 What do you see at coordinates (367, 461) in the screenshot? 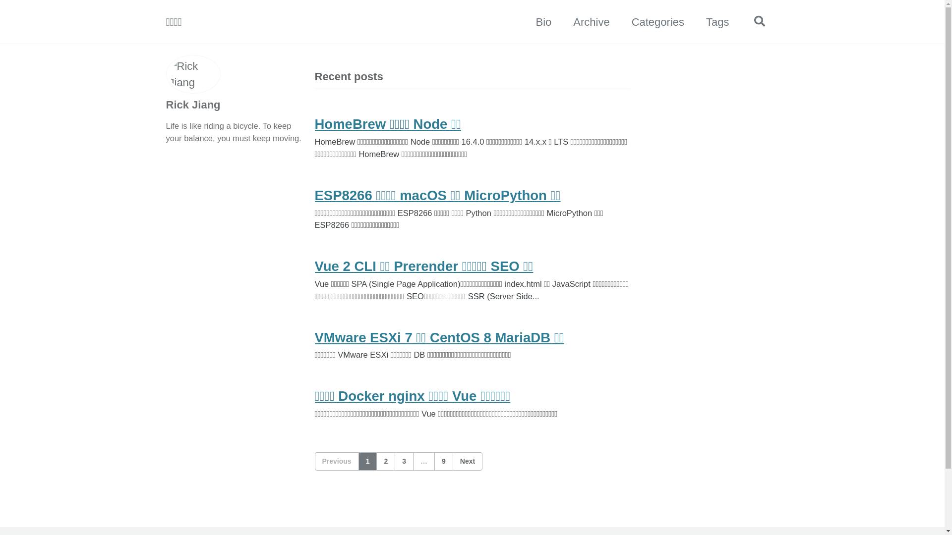
I see `'1'` at bounding box center [367, 461].